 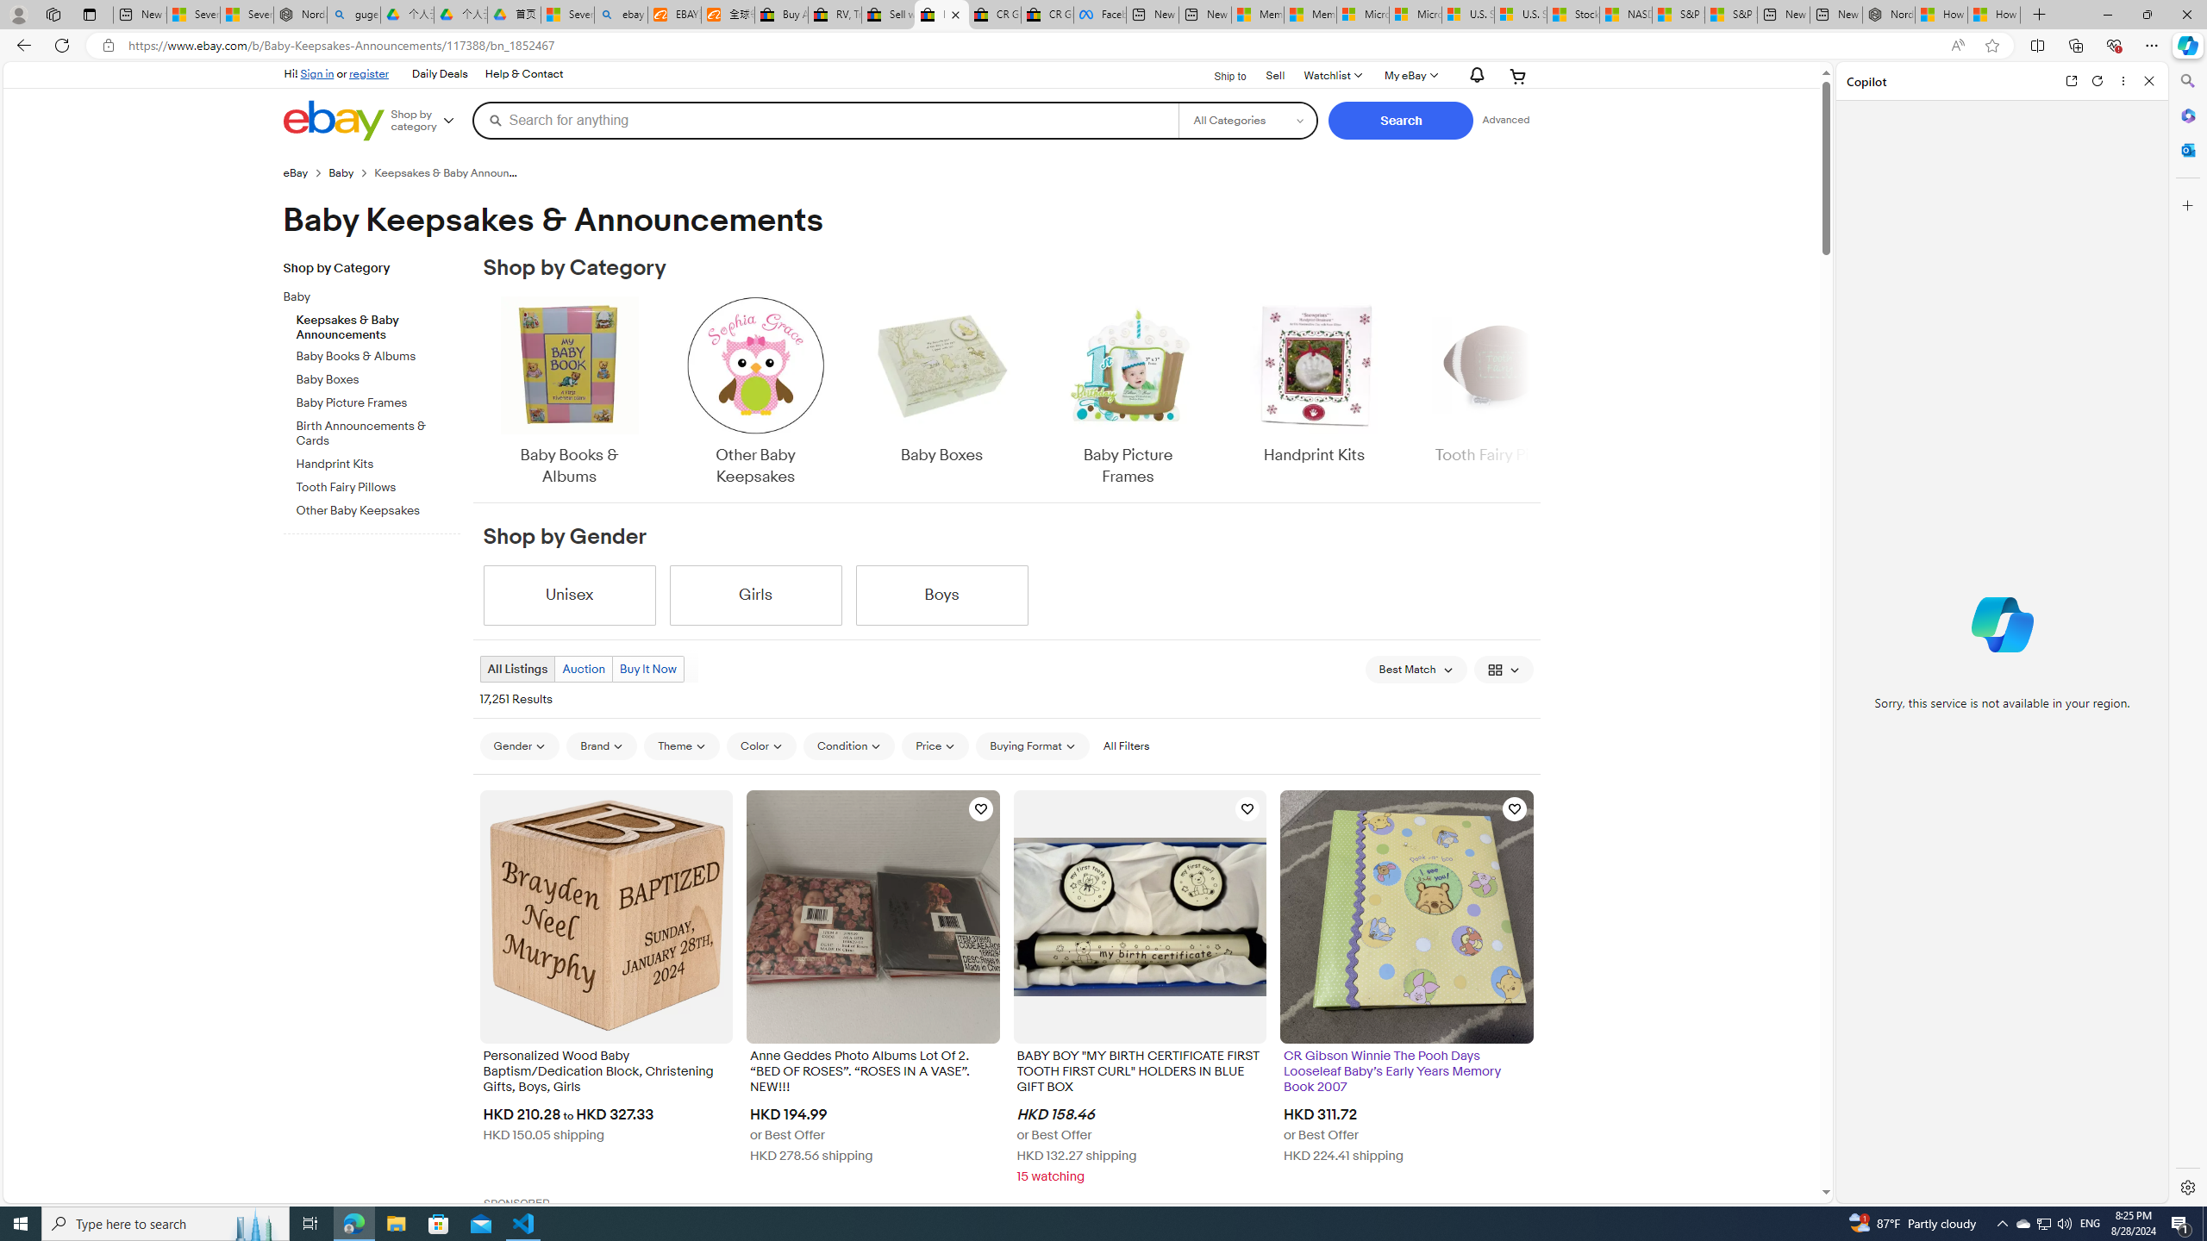 I want to click on 'Daily Deals', so click(x=439, y=73).